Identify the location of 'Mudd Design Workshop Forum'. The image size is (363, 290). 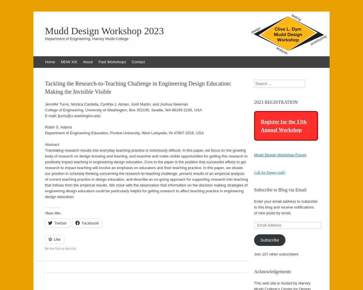
(254, 155).